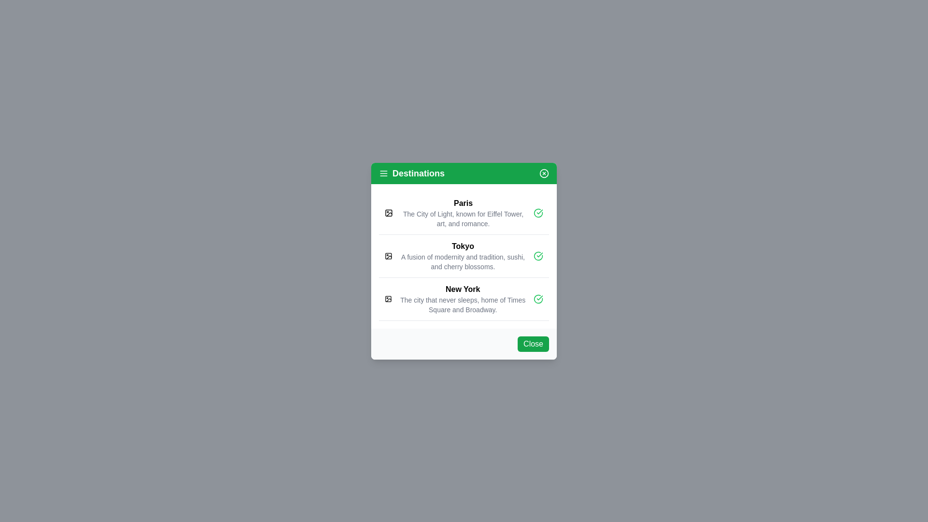 This screenshot has height=522, width=928. Describe the element at coordinates (464, 255) in the screenshot. I see `the checkmark icon in the second list item that displays information about Tokyo` at that location.